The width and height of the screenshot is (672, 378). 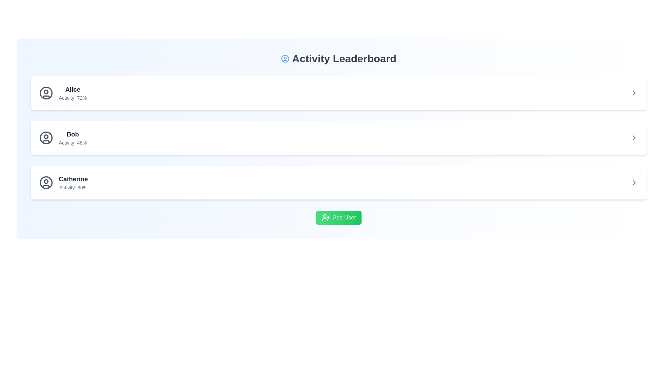 I want to click on text content of the Informative card displaying user-specific information for 'Alice' including her activity percentage of '72%', which is the first entry in the 'Activity Leaderboard' list, so click(x=63, y=93).